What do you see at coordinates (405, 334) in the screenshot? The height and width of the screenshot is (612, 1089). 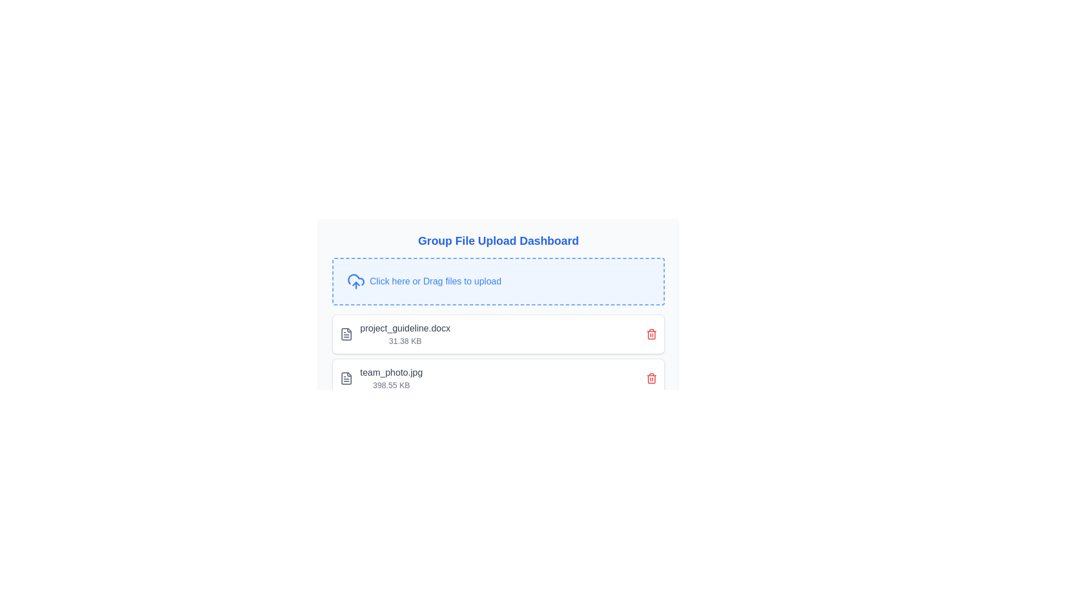 I see `the text label displaying the file name 'project_guideline.docx' and its size '31.38 KB'` at bounding box center [405, 334].